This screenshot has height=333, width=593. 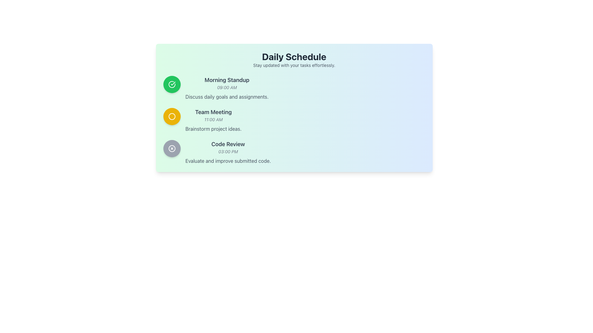 What do you see at coordinates (226, 80) in the screenshot?
I see `the text element displaying 'Morning Standup' in bold dark gray within the 'Daily Schedule' list` at bounding box center [226, 80].